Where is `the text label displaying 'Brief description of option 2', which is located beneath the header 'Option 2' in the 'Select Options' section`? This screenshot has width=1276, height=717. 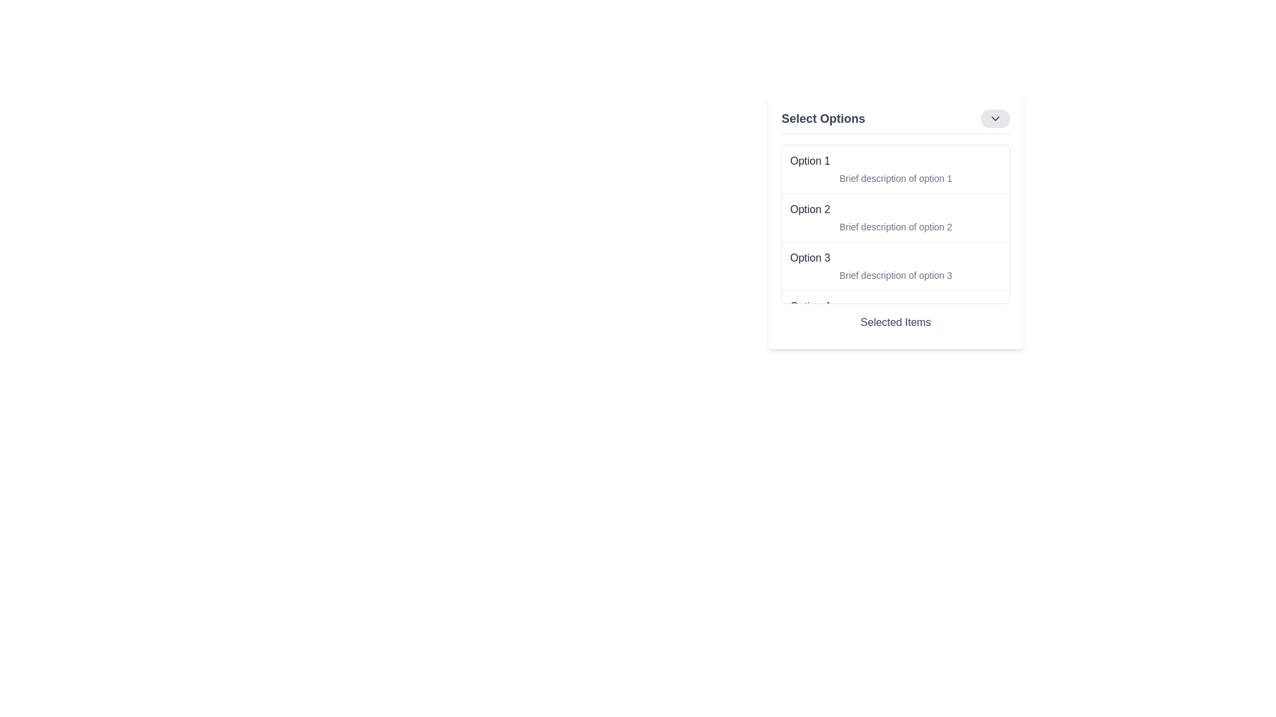 the text label displaying 'Brief description of option 2', which is located beneath the header 'Option 2' in the 'Select Options' section is located at coordinates (896, 226).